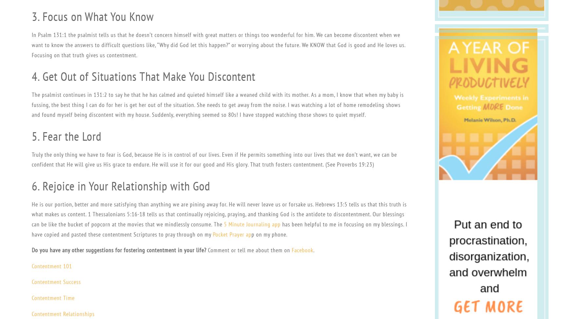  I want to click on 'Comment or tell me about them on', so click(248, 250).